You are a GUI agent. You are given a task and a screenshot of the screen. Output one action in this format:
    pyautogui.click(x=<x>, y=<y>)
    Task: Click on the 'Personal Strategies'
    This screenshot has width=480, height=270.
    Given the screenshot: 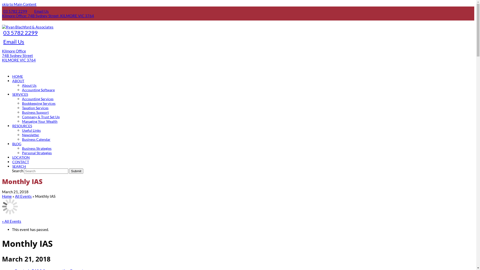 What is the action you would take?
    pyautogui.click(x=36, y=152)
    